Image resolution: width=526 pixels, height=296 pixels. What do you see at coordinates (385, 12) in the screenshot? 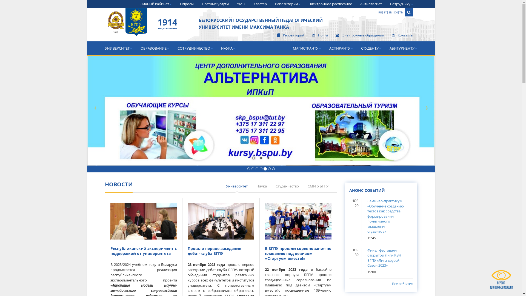
I see `'BY'` at bounding box center [385, 12].